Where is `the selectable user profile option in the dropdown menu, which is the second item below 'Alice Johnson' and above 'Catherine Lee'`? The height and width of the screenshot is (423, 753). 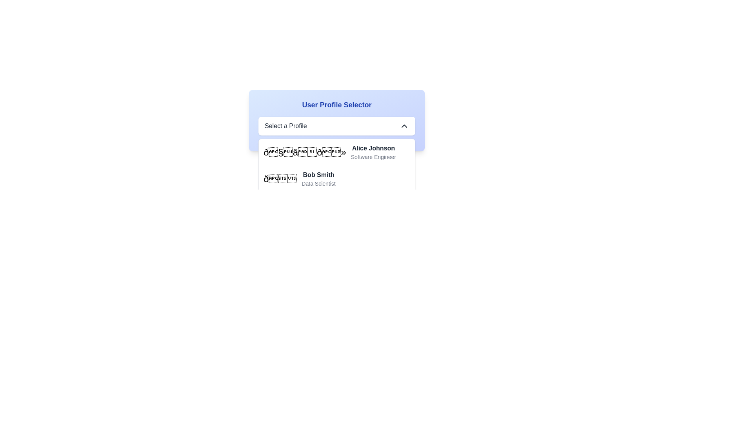
the selectable user profile option in the dropdown menu, which is the second item below 'Alice Johnson' and above 'Catherine Lee' is located at coordinates (337, 179).